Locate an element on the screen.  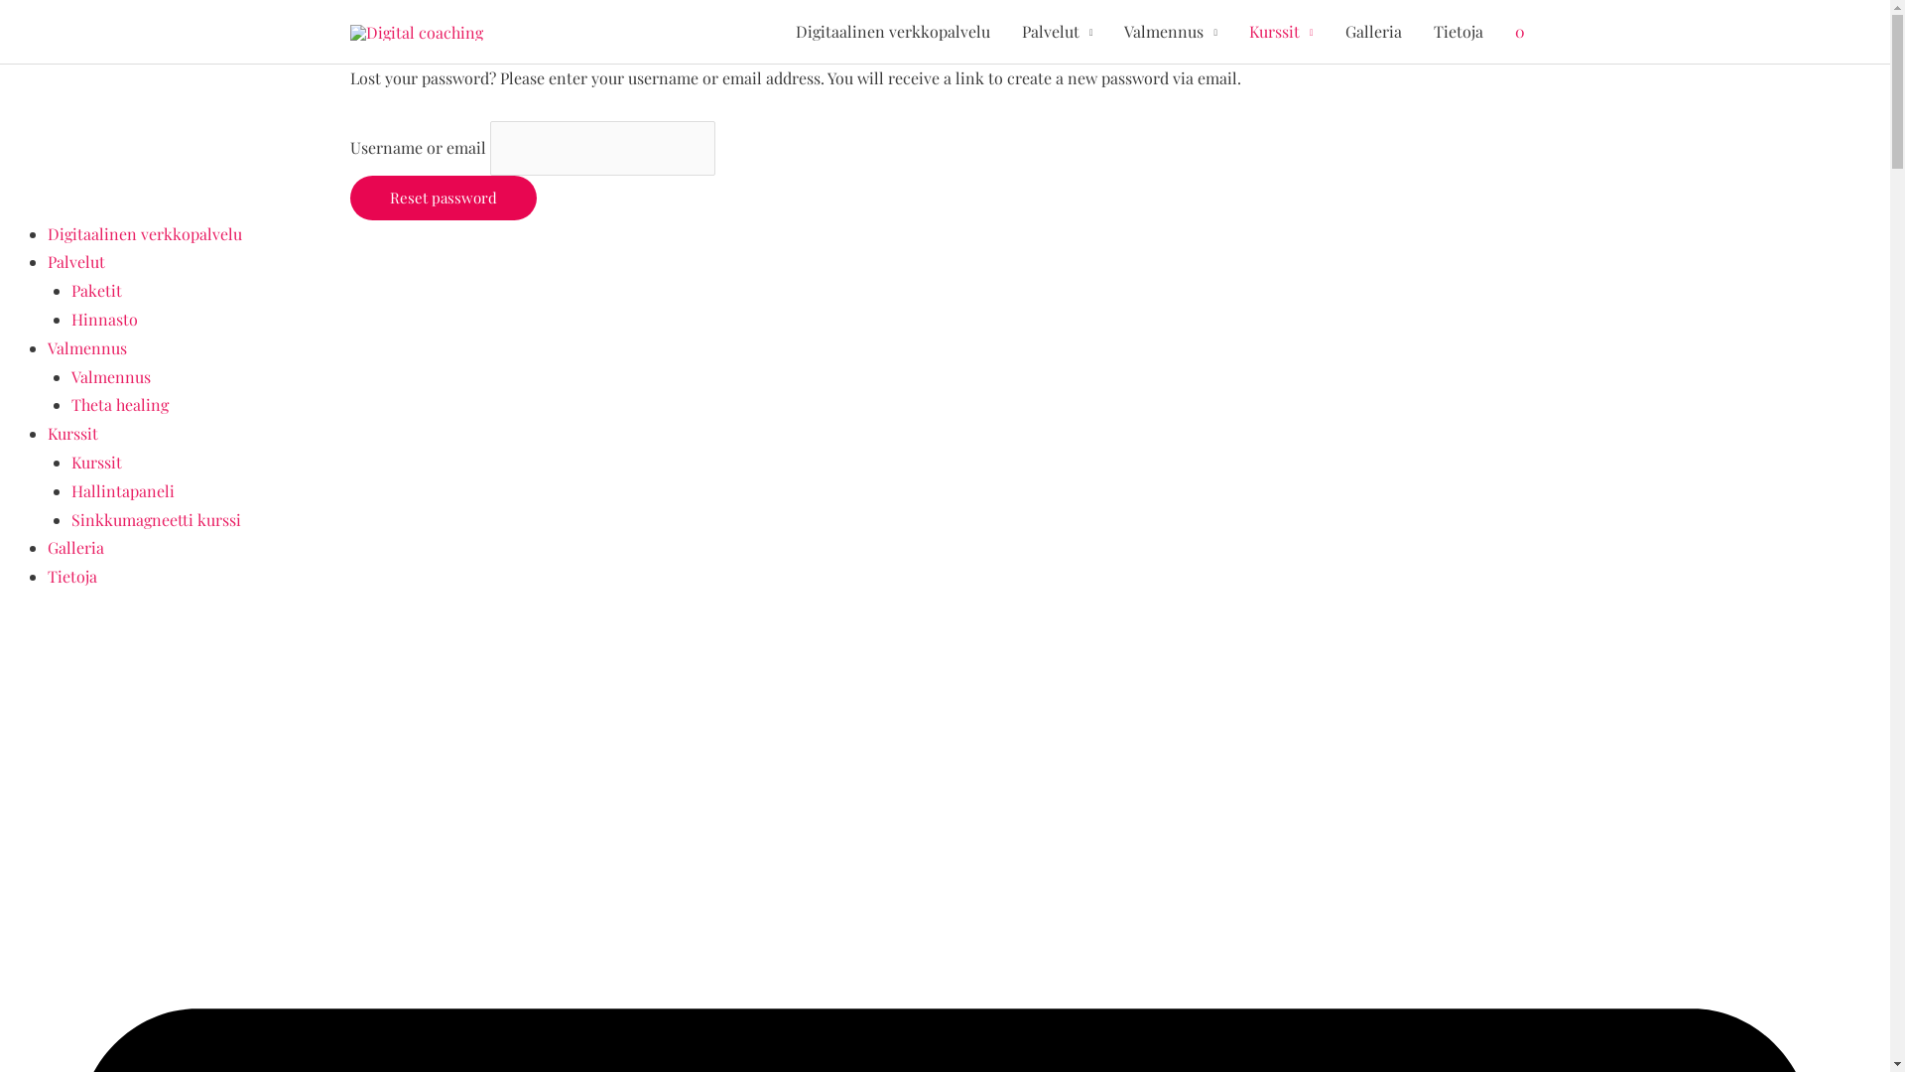
'Palvelut' is located at coordinates (1005, 31).